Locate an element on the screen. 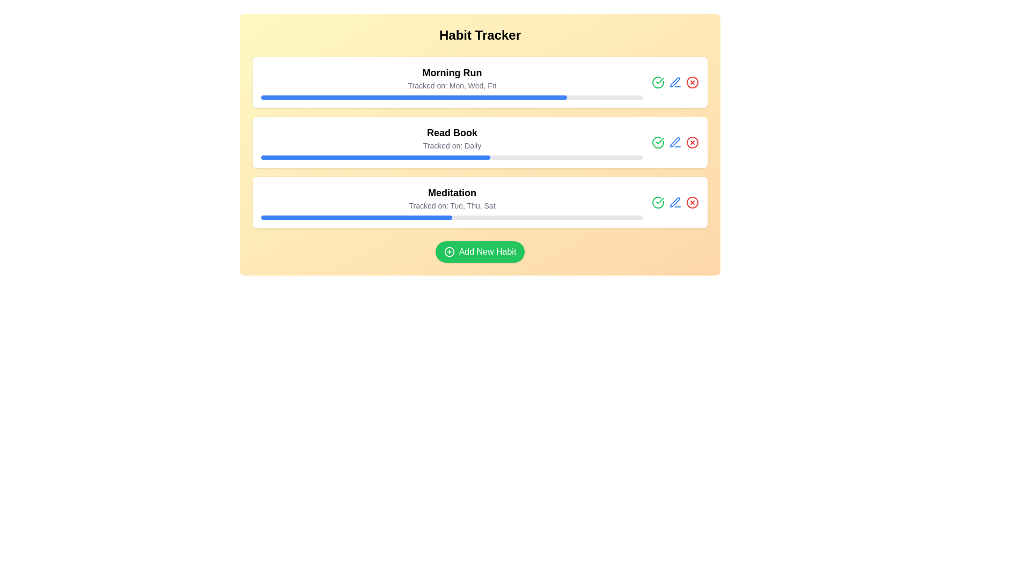  progress value indicated by the width of the blue progress bar located under the 'Morning Run' header is located at coordinates (413, 97).